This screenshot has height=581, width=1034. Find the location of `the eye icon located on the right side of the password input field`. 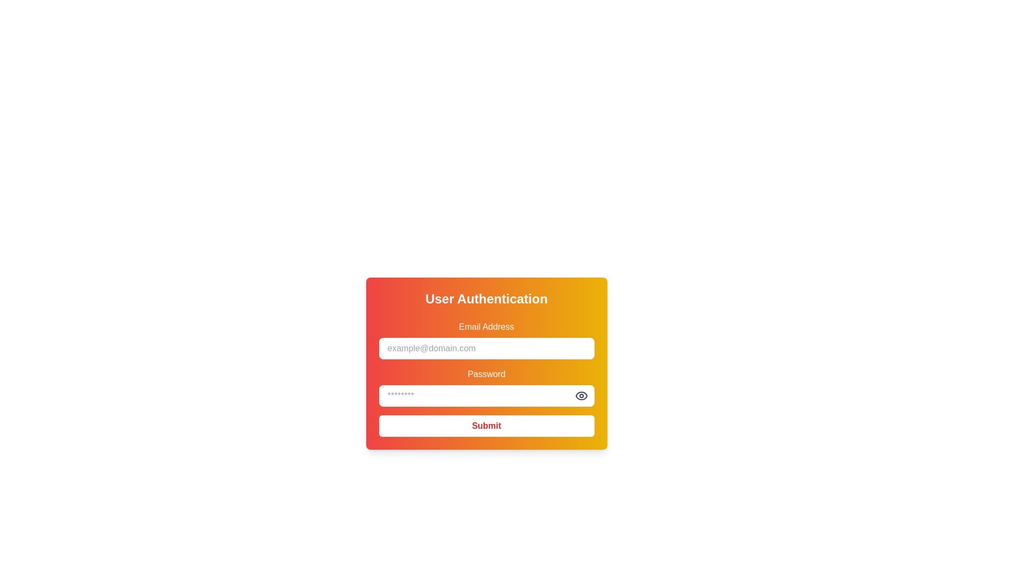

the eye icon located on the right side of the password input field is located at coordinates (581, 396).